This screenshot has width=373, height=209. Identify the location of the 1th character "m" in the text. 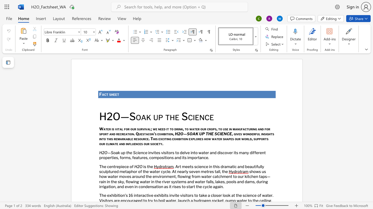
(120, 176).